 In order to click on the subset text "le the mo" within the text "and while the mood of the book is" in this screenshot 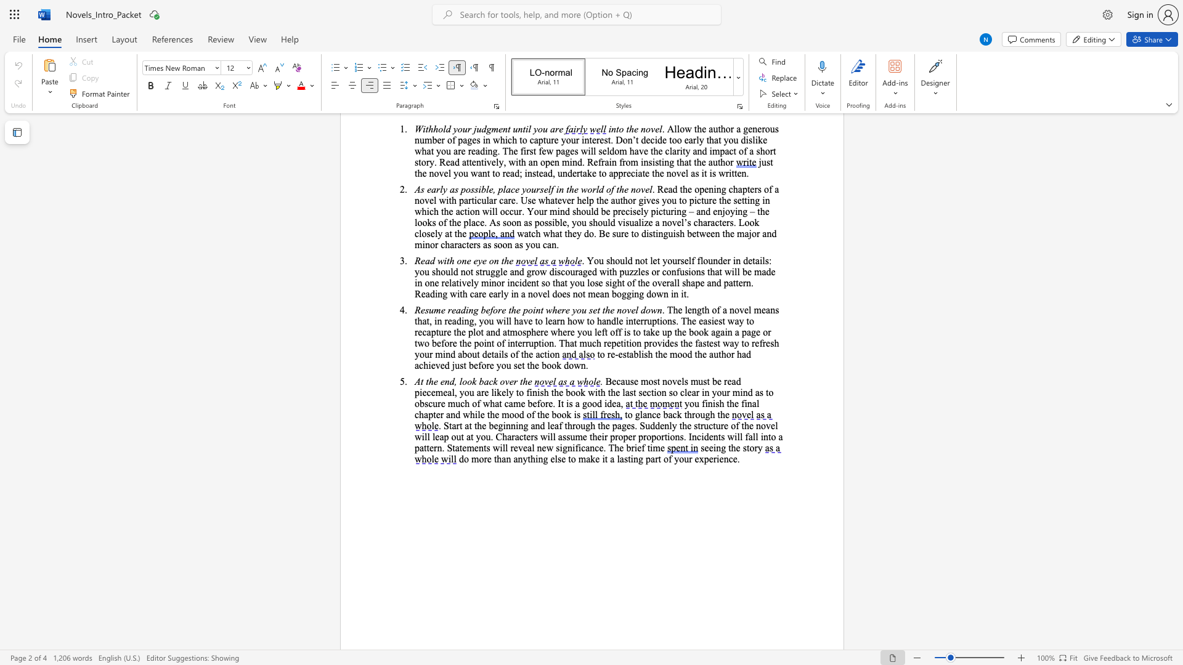, I will do `click(477, 414)`.